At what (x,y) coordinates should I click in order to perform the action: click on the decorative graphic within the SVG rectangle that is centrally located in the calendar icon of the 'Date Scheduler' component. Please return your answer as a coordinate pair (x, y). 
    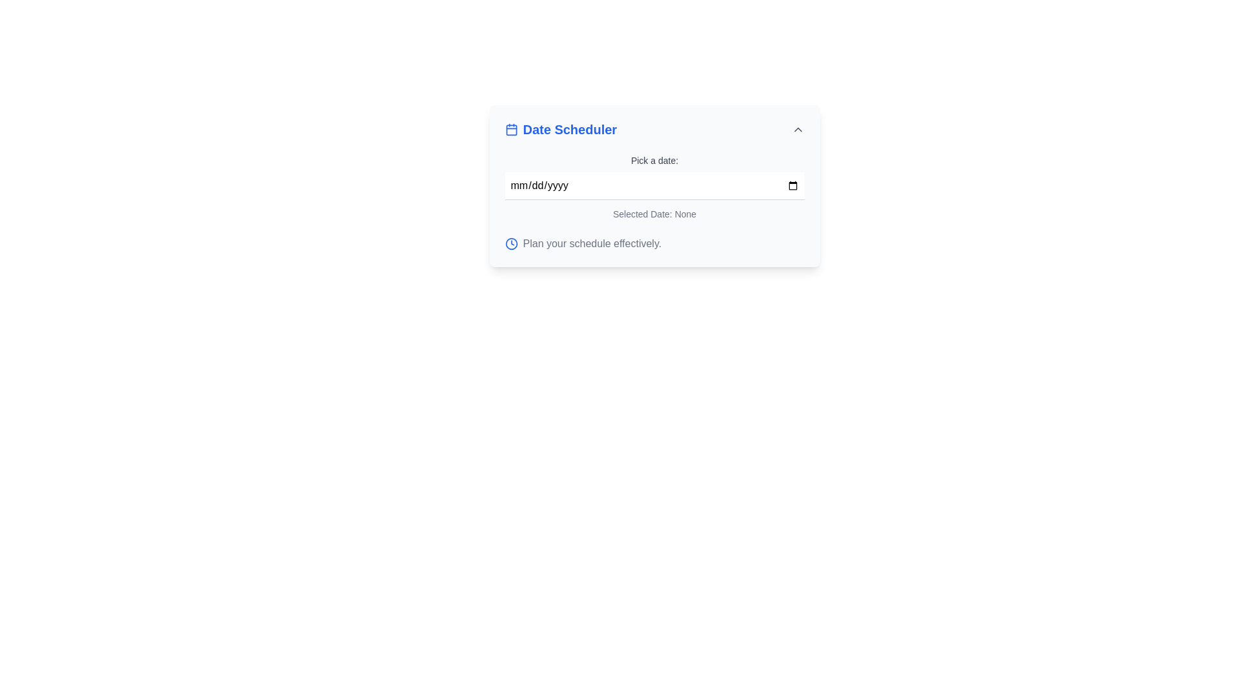
    Looking at the image, I should click on (510, 130).